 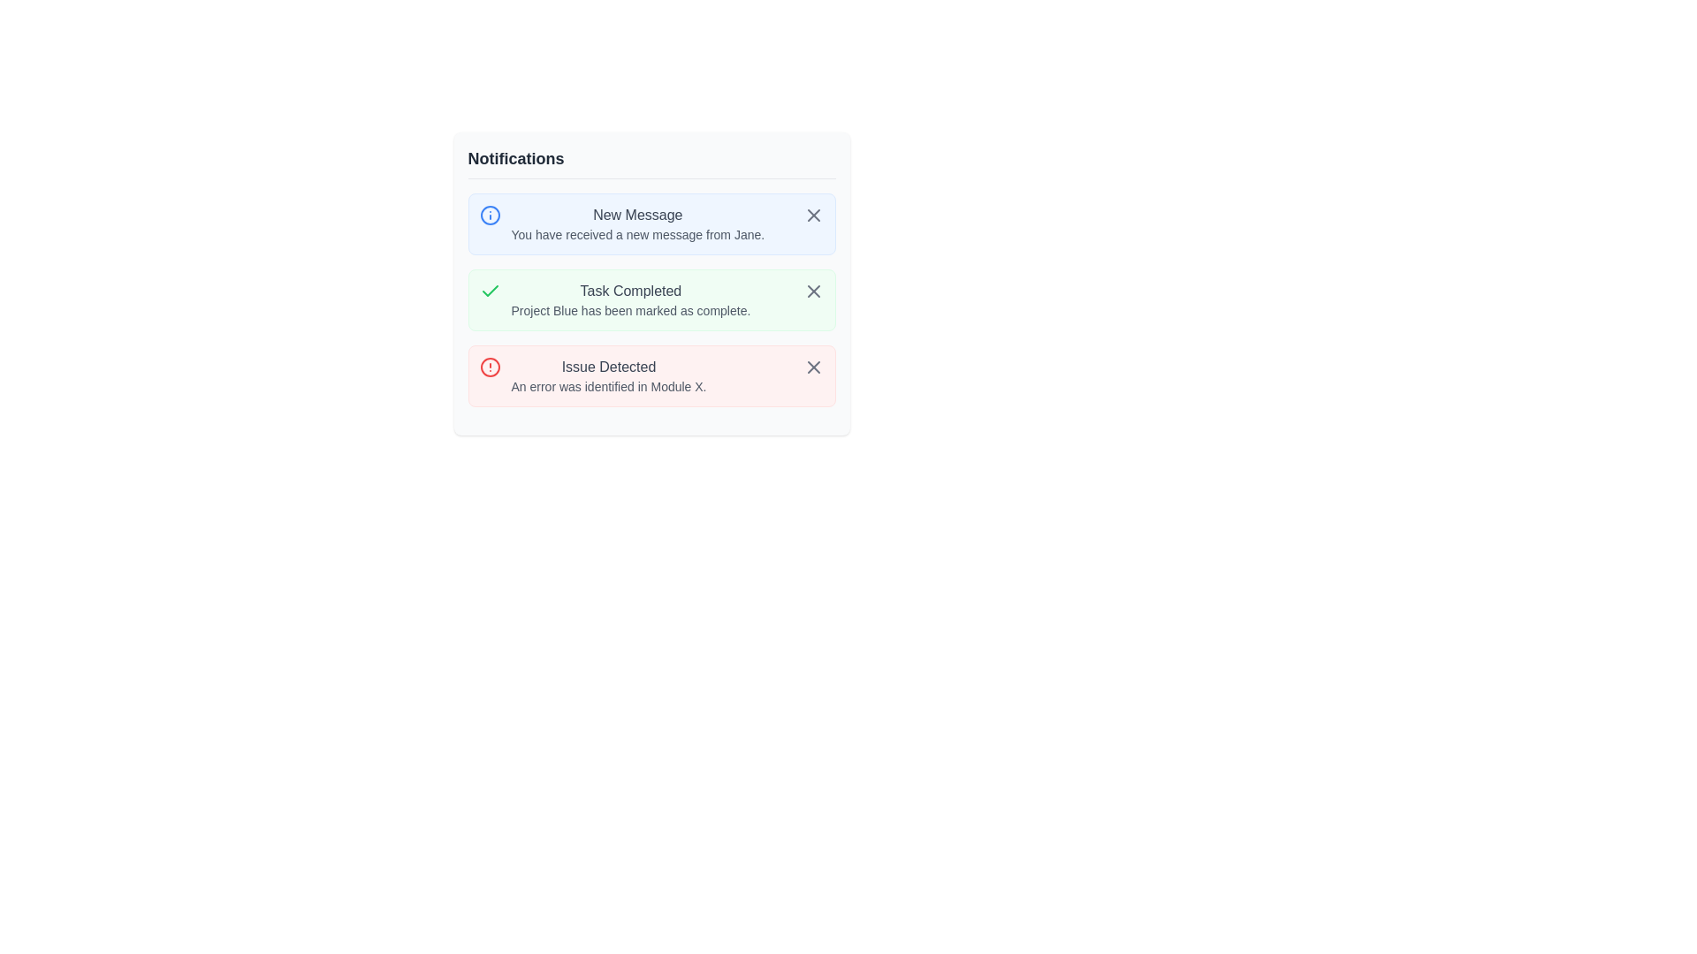 I want to click on text in the second line of the notification card titled 'New Message' for information, so click(x=636, y=234).